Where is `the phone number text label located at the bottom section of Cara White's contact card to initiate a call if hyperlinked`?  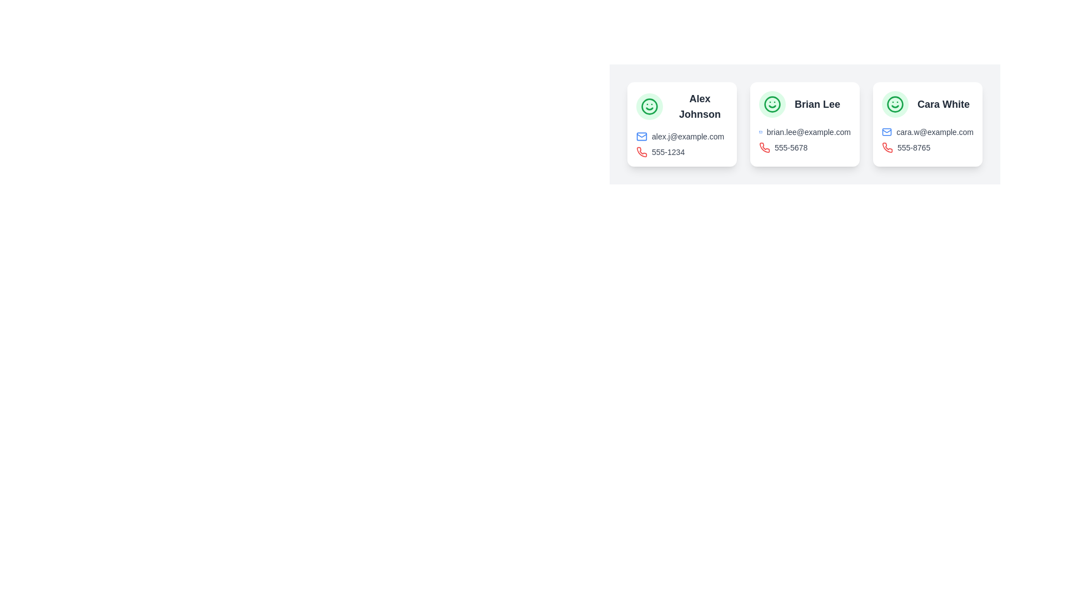 the phone number text label located at the bottom section of Cara White's contact card to initiate a call if hyperlinked is located at coordinates (914, 147).